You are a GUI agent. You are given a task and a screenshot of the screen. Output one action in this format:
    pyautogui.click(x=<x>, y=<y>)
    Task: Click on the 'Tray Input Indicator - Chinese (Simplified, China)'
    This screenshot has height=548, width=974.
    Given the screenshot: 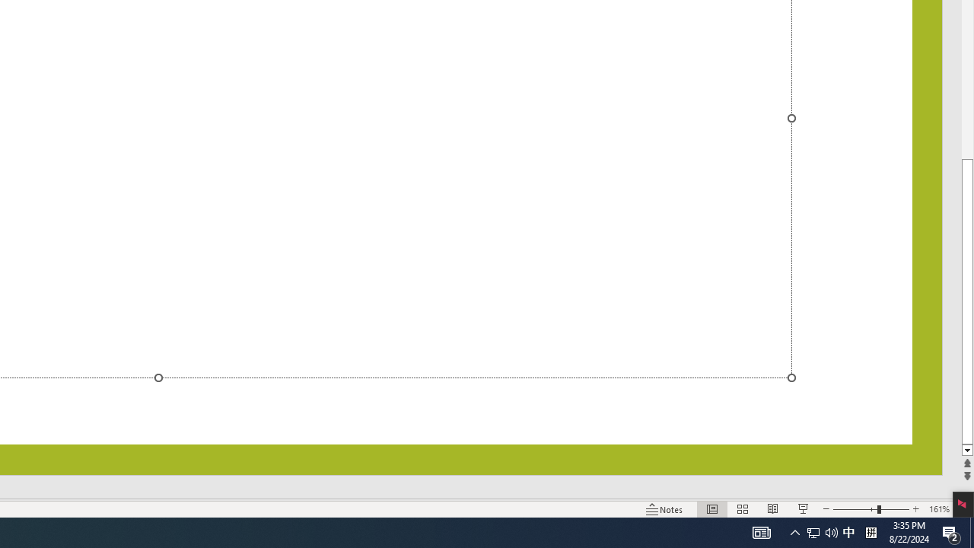 What is the action you would take?
    pyautogui.click(x=871, y=531)
    